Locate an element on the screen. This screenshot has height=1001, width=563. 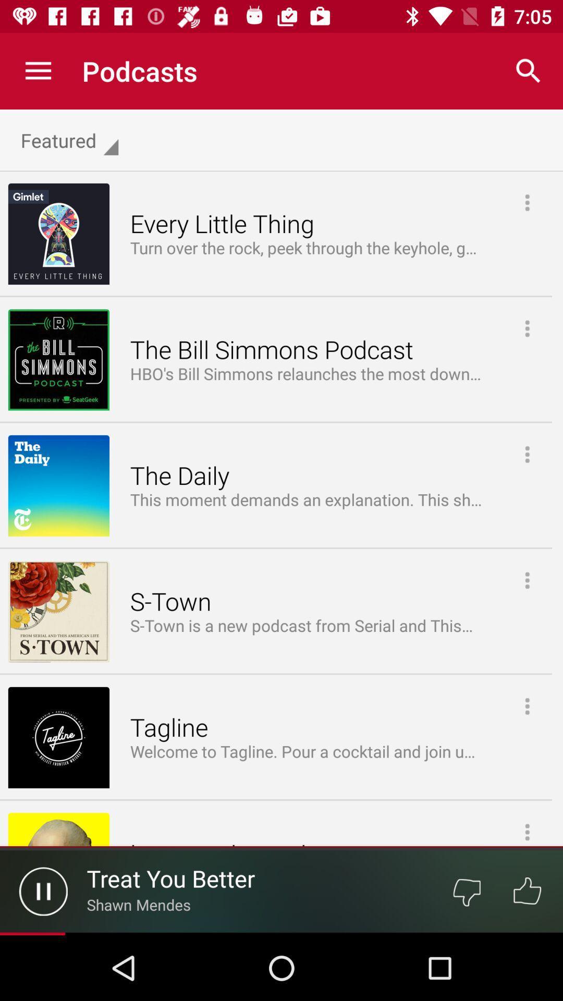
the thumbs_up icon is located at coordinates (527, 890).